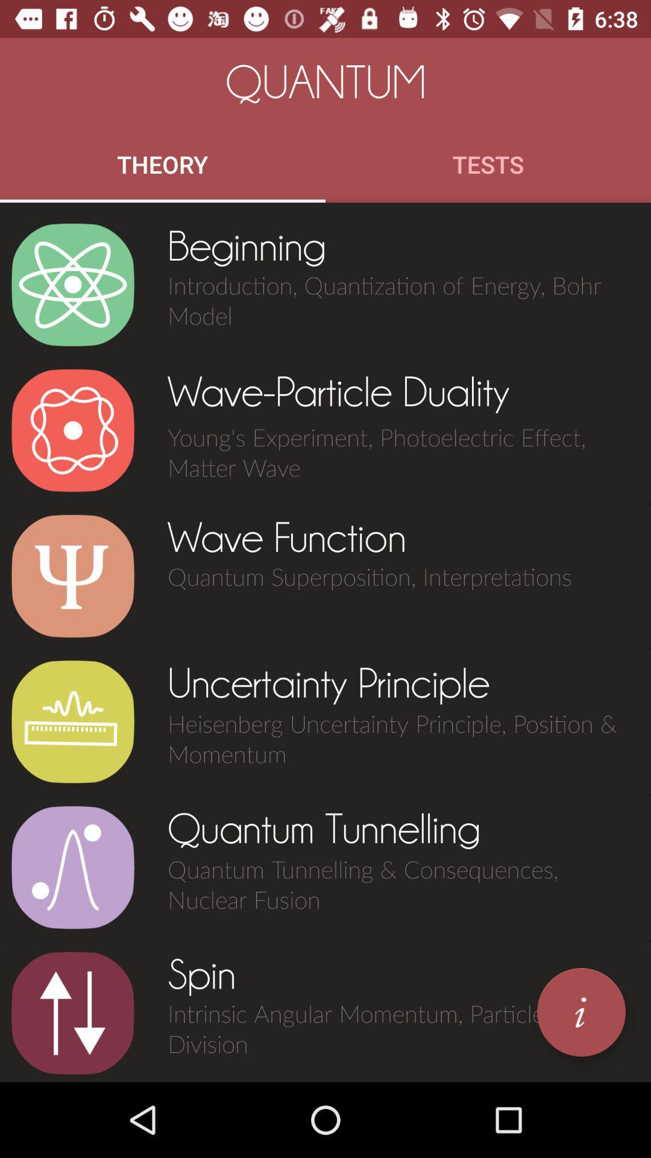  What do you see at coordinates (580, 1012) in the screenshot?
I see `more info` at bounding box center [580, 1012].